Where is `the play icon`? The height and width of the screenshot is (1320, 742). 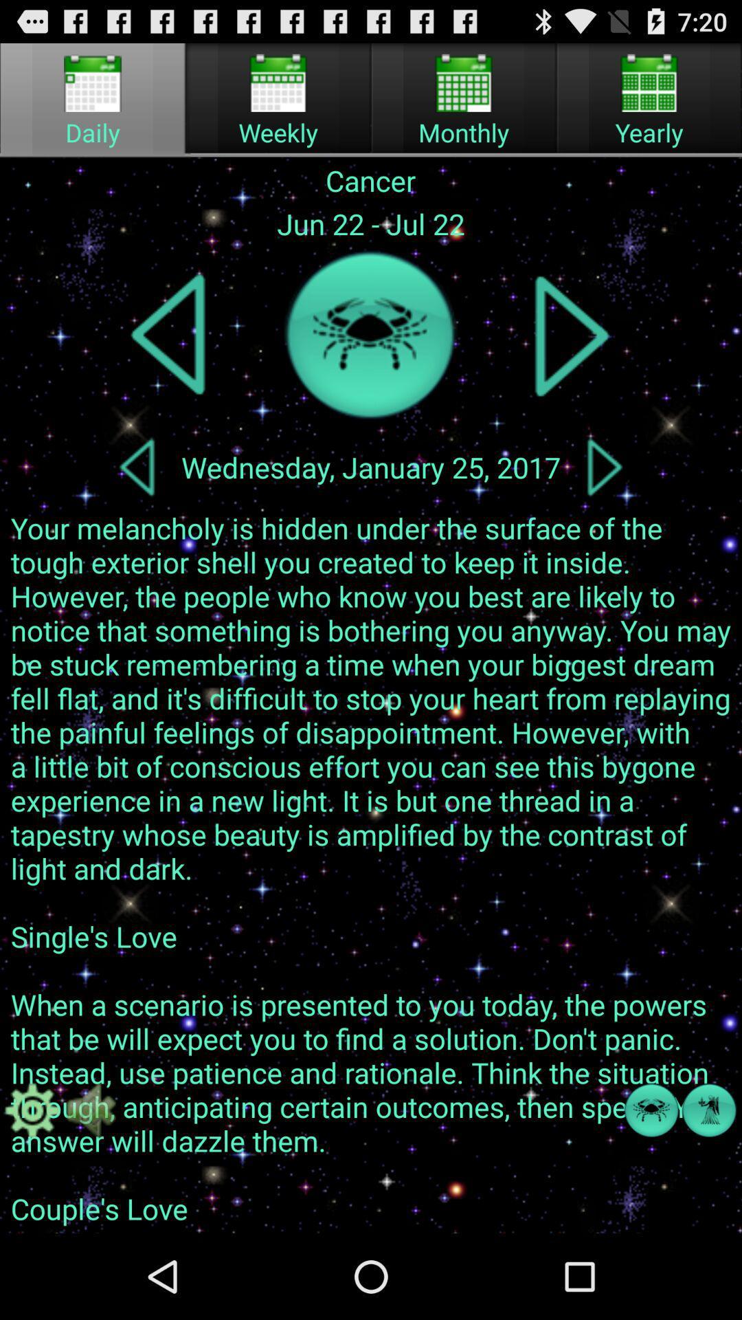 the play icon is located at coordinates (604, 498).